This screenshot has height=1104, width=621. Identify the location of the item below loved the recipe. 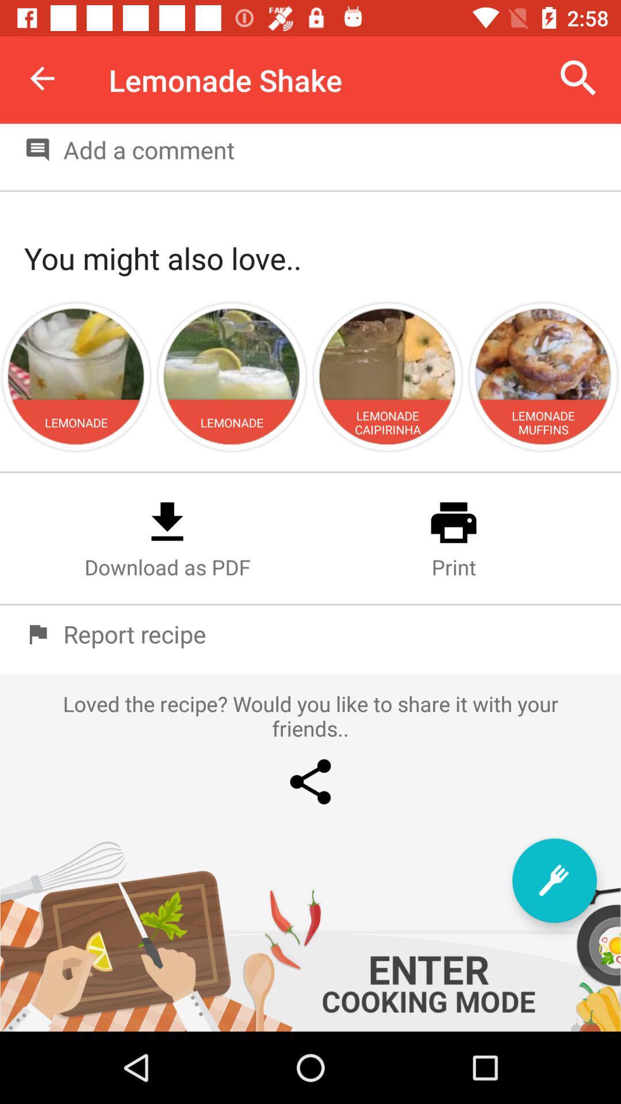
(554, 880).